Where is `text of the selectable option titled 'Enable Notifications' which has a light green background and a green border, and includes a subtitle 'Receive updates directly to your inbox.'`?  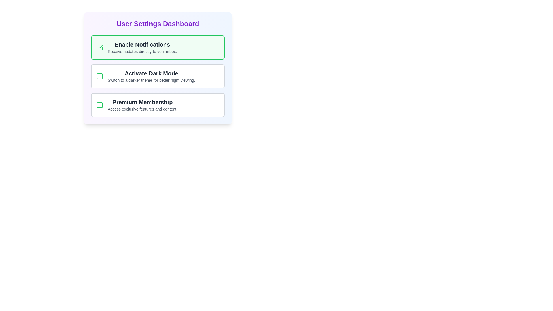 text of the selectable option titled 'Enable Notifications' which has a light green background and a green border, and includes a subtitle 'Receive updates directly to your inbox.' is located at coordinates (158, 47).